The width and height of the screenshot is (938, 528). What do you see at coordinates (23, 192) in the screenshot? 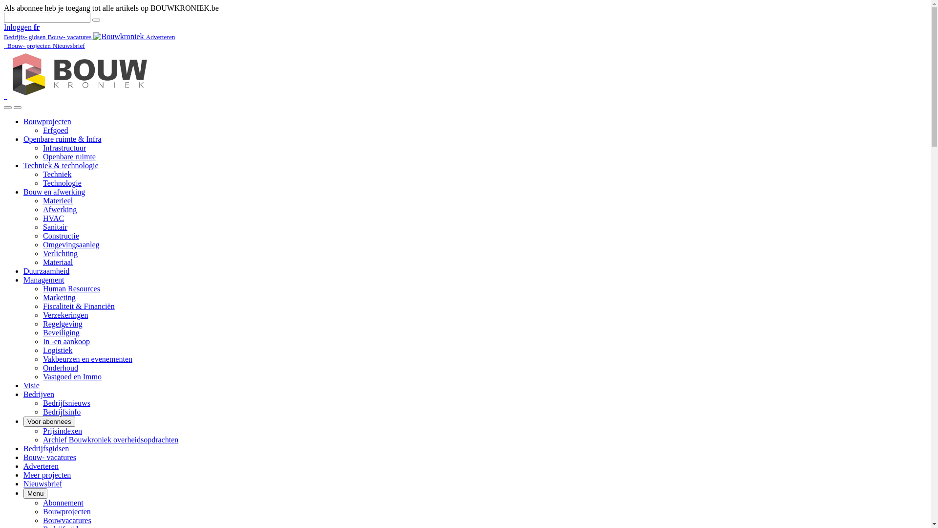
I see `'Bouw en afwerking'` at bounding box center [23, 192].